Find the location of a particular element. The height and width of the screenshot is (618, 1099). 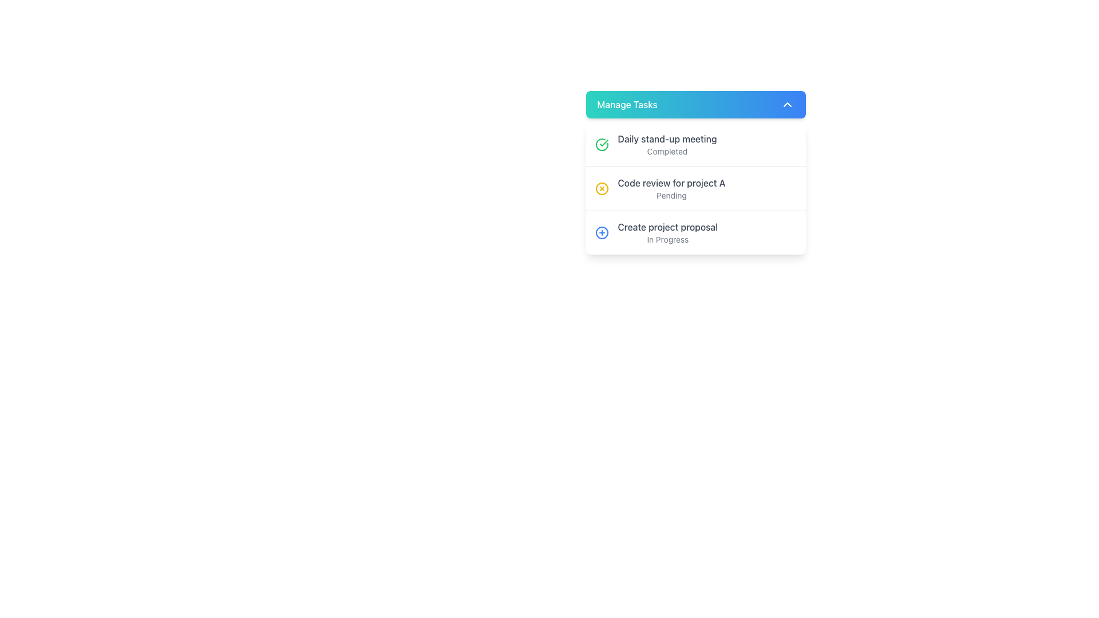

the text display representing a task in progress, located below 'Code review for project A' in the vertical list of tasks under 'Manage Tasks' is located at coordinates (667, 232).